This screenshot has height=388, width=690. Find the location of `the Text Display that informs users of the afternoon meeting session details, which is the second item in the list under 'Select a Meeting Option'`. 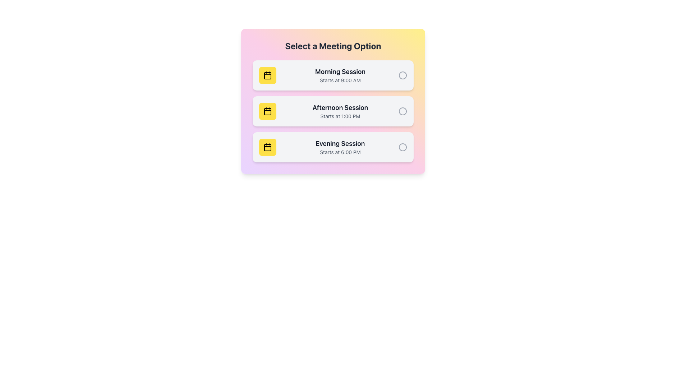

the Text Display that informs users of the afternoon meeting session details, which is the second item in the list under 'Select a Meeting Option' is located at coordinates (340, 111).